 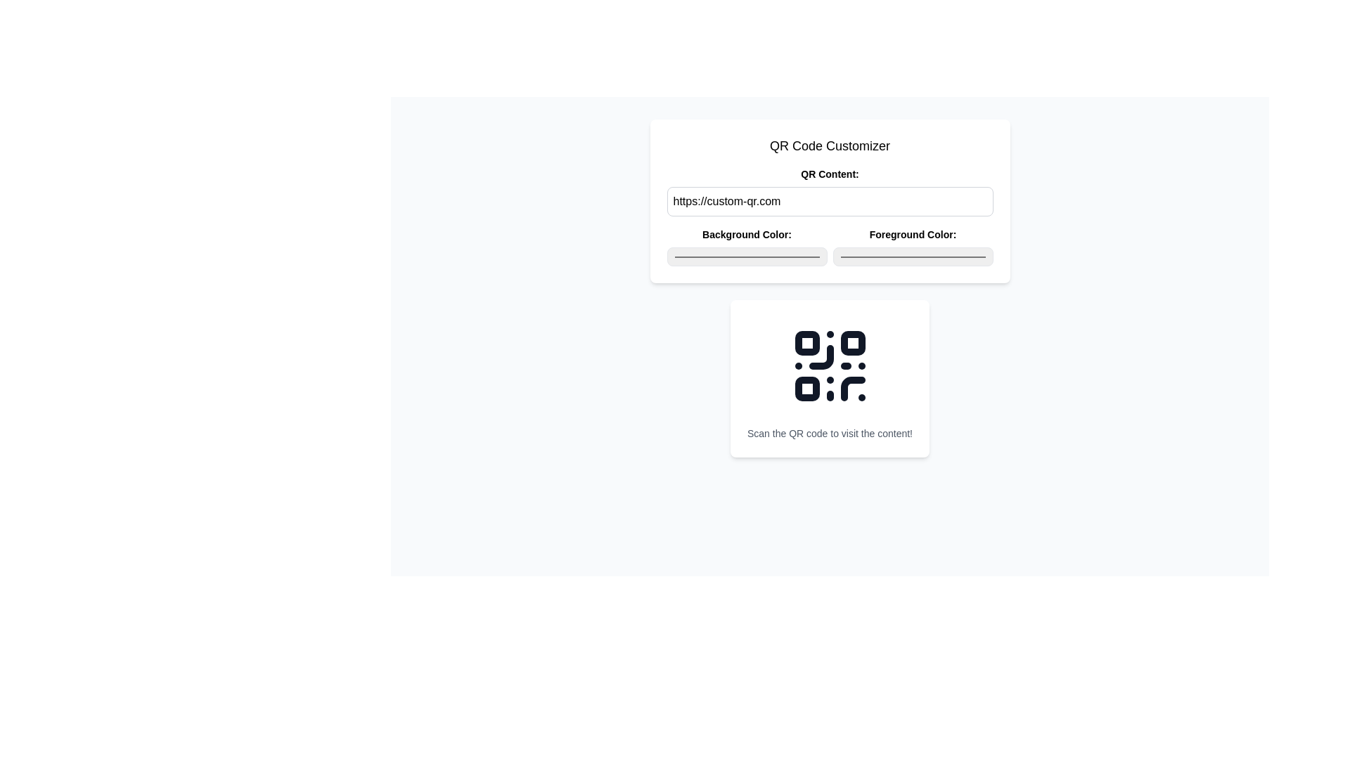 What do you see at coordinates (852, 343) in the screenshot?
I see `the second square element of the QR code graphic located towards the upper-right part of the page` at bounding box center [852, 343].